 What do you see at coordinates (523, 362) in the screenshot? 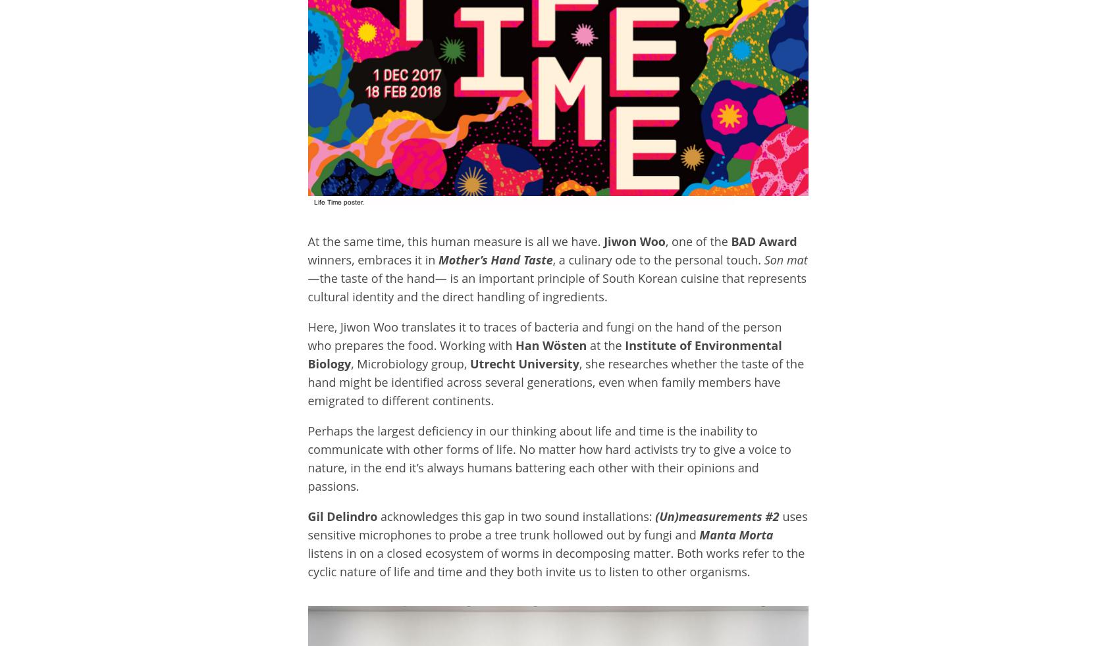
I see `'Utrecht University'` at bounding box center [523, 362].